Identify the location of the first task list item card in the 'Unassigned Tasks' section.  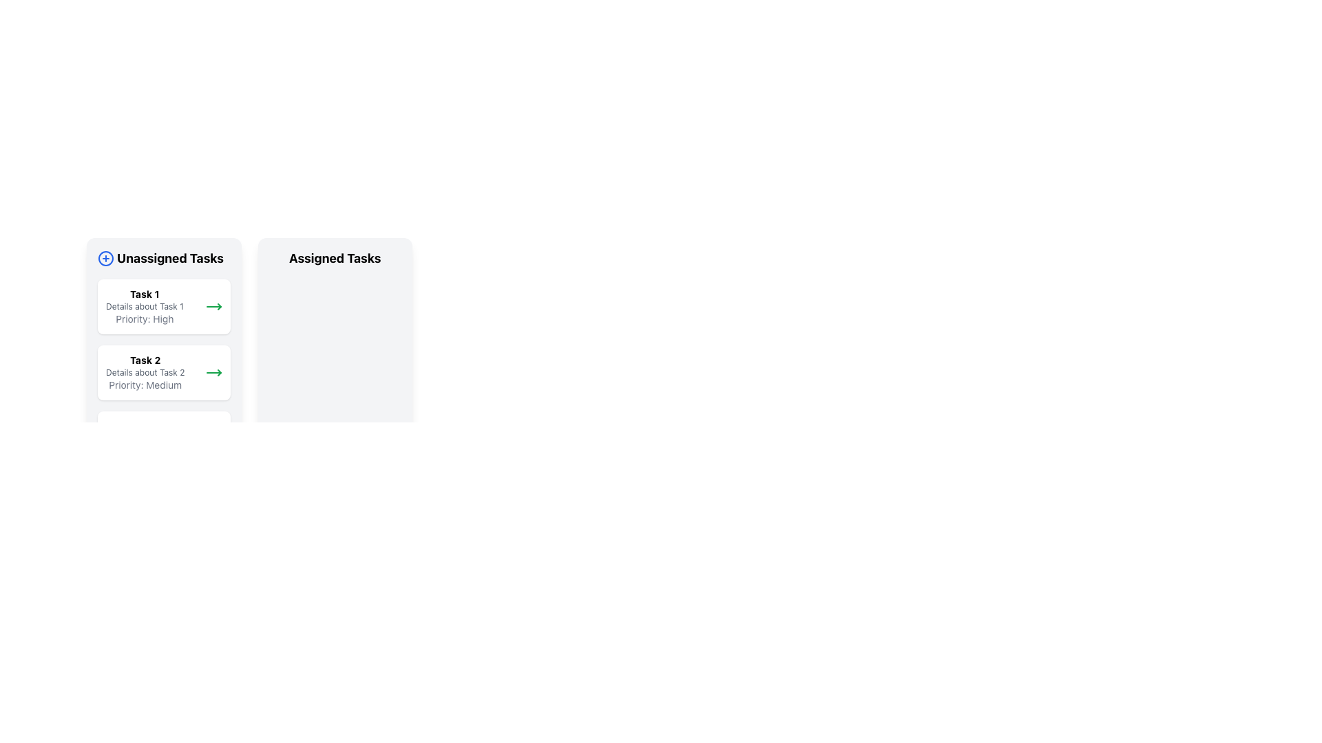
(164, 306).